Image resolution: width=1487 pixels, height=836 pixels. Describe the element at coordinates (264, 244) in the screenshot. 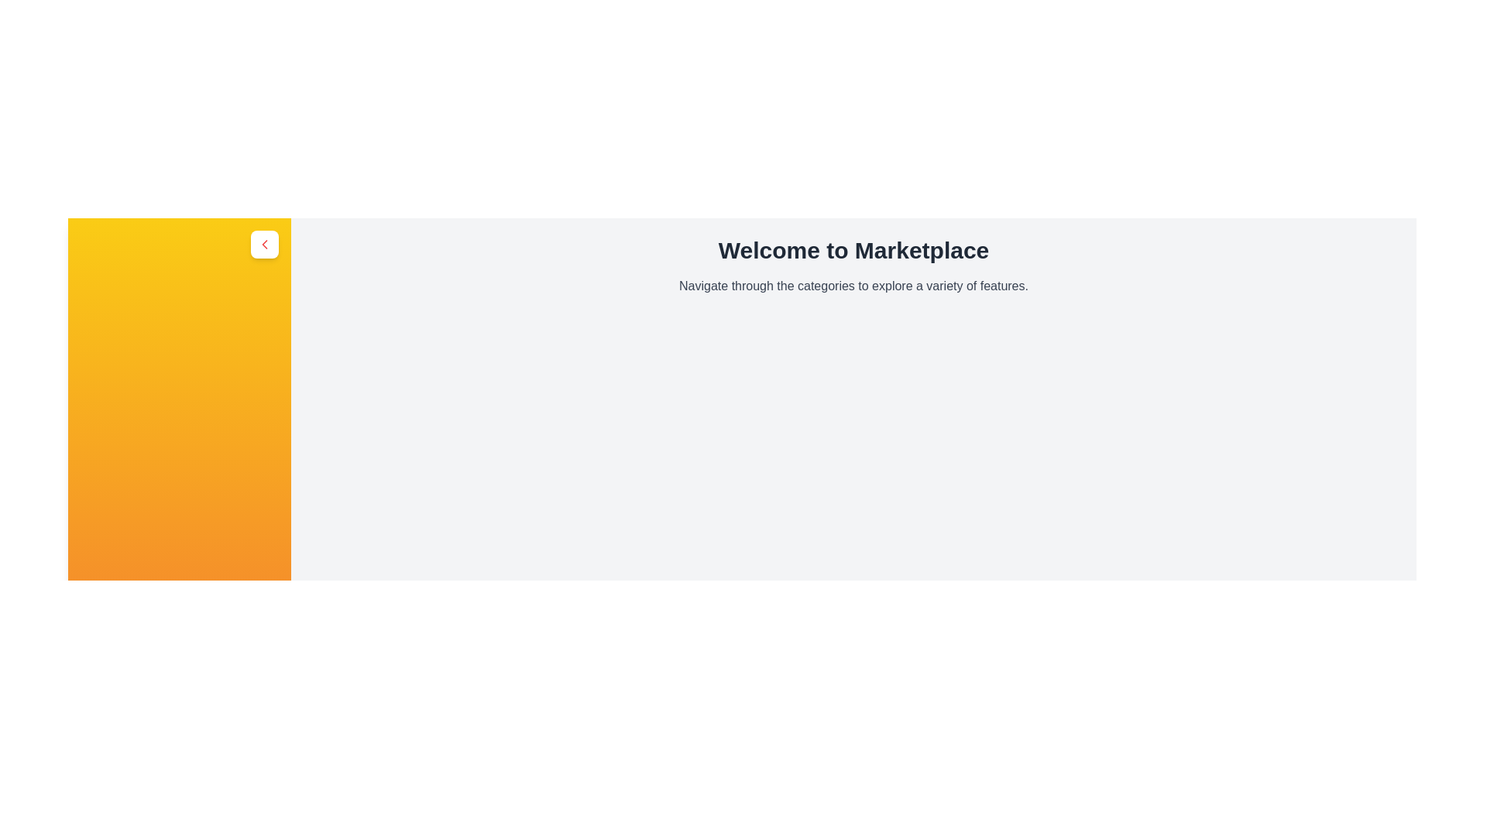

I see `toggle button to toggle the sidebar open or closed` at that location.